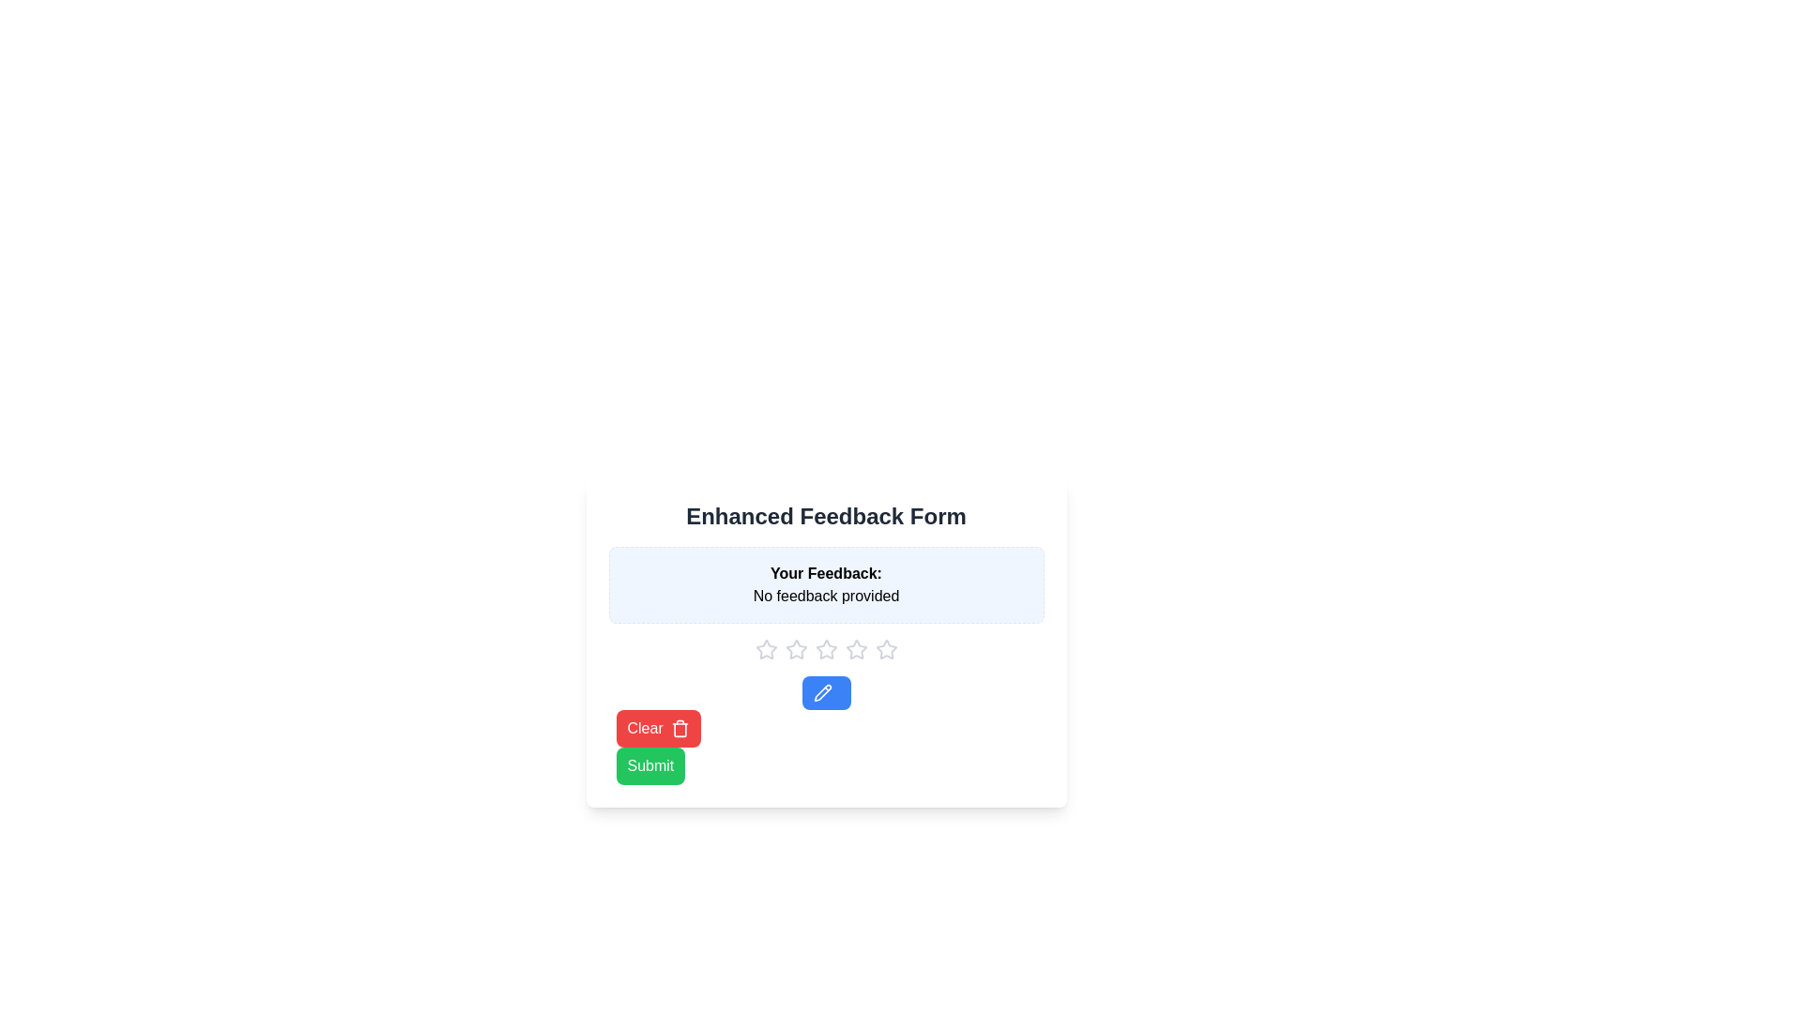 The width and height of the screenshot is (1802, 1013). Describe the element at coordinates (650, 766) in the screenshot. I see `the 'Submit' button with a green background and white text to trigger the style change effect` at that location.